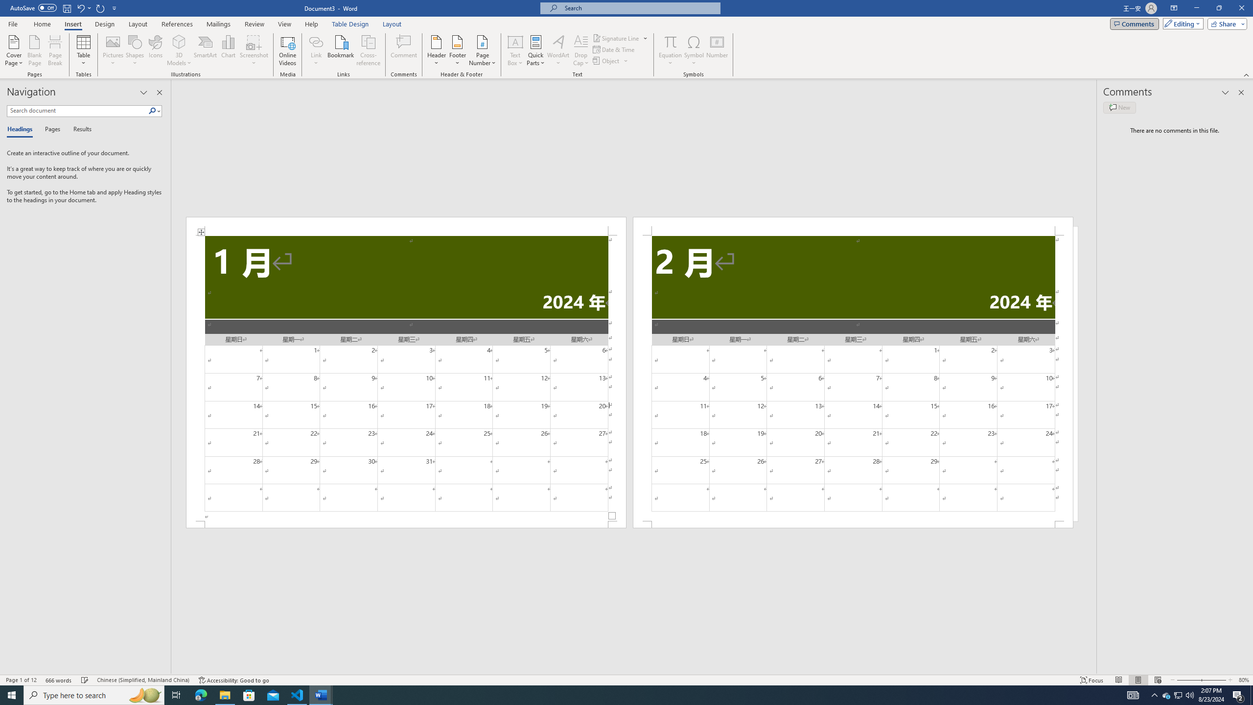  Describe the element at coordinates (437, 50) in the screenshot. I see `'Header'` at that location.